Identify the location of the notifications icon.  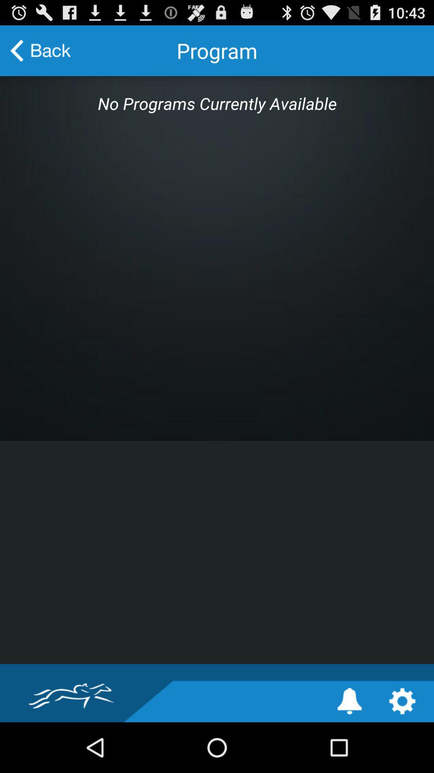
(349, 750).